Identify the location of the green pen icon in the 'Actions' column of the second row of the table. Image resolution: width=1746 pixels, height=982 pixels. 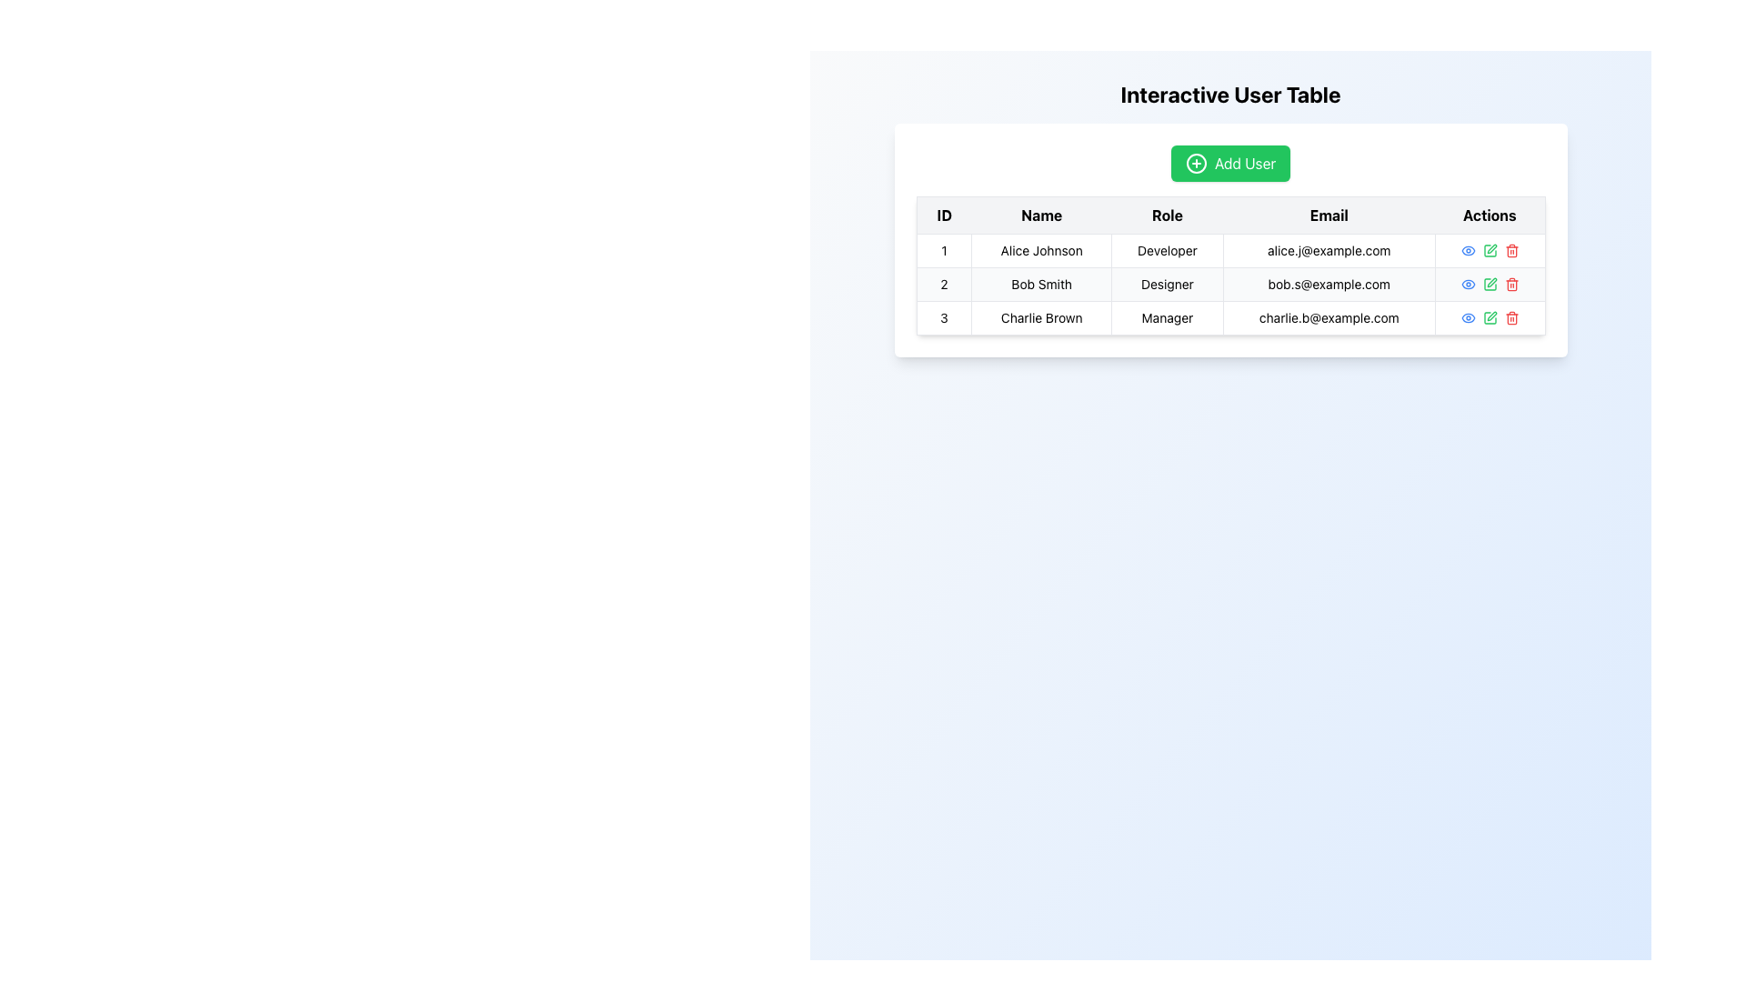
(1490, 284).